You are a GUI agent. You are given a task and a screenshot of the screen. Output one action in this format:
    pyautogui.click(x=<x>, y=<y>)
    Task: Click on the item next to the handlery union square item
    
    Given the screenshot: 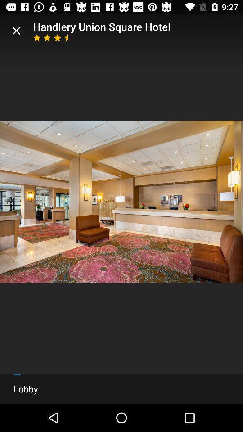 What is the action you would take?
    pyautogui.click(x=16, y=31)
    